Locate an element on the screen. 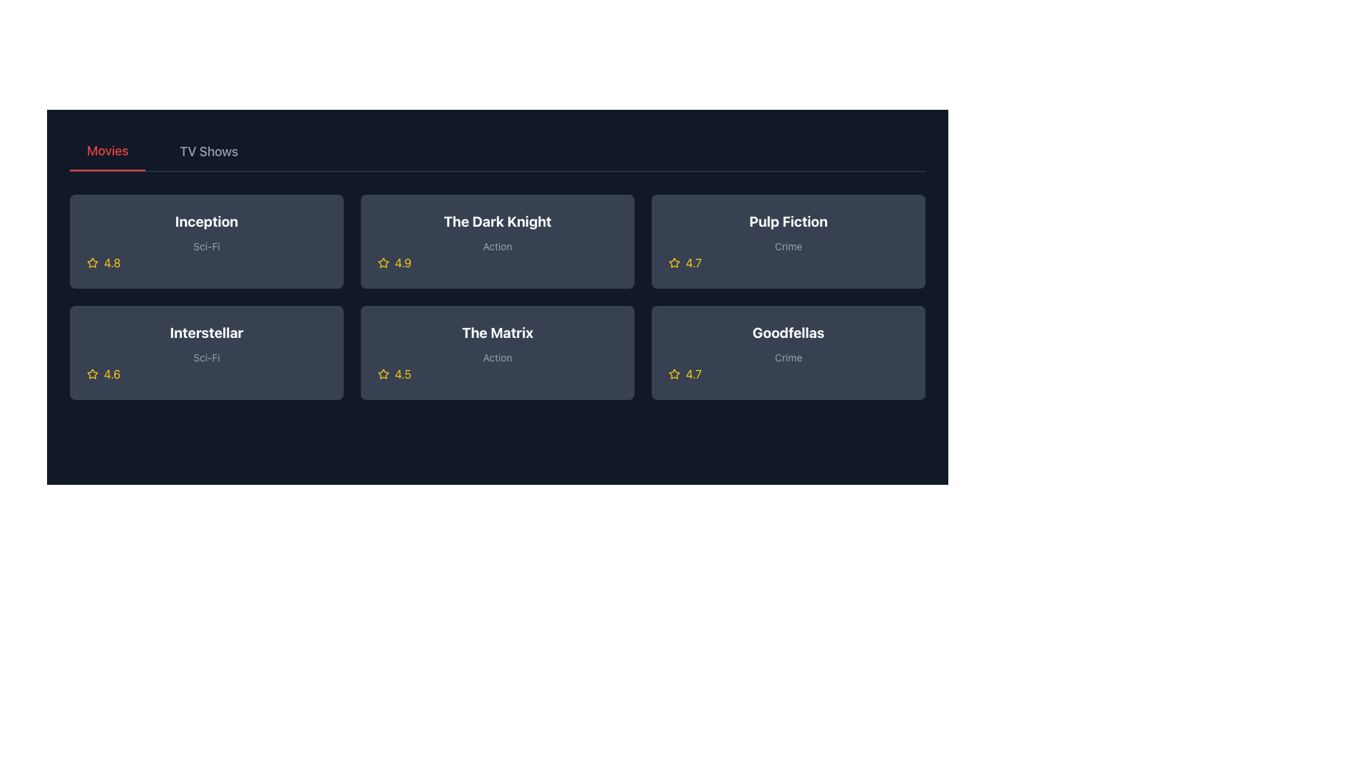 The width and height of the screenshot is (1369, 770). the rating display for the movie 'Goodfellas', located in the bottom-right corner of its card in the grid view is located at coordinates (787, 373).